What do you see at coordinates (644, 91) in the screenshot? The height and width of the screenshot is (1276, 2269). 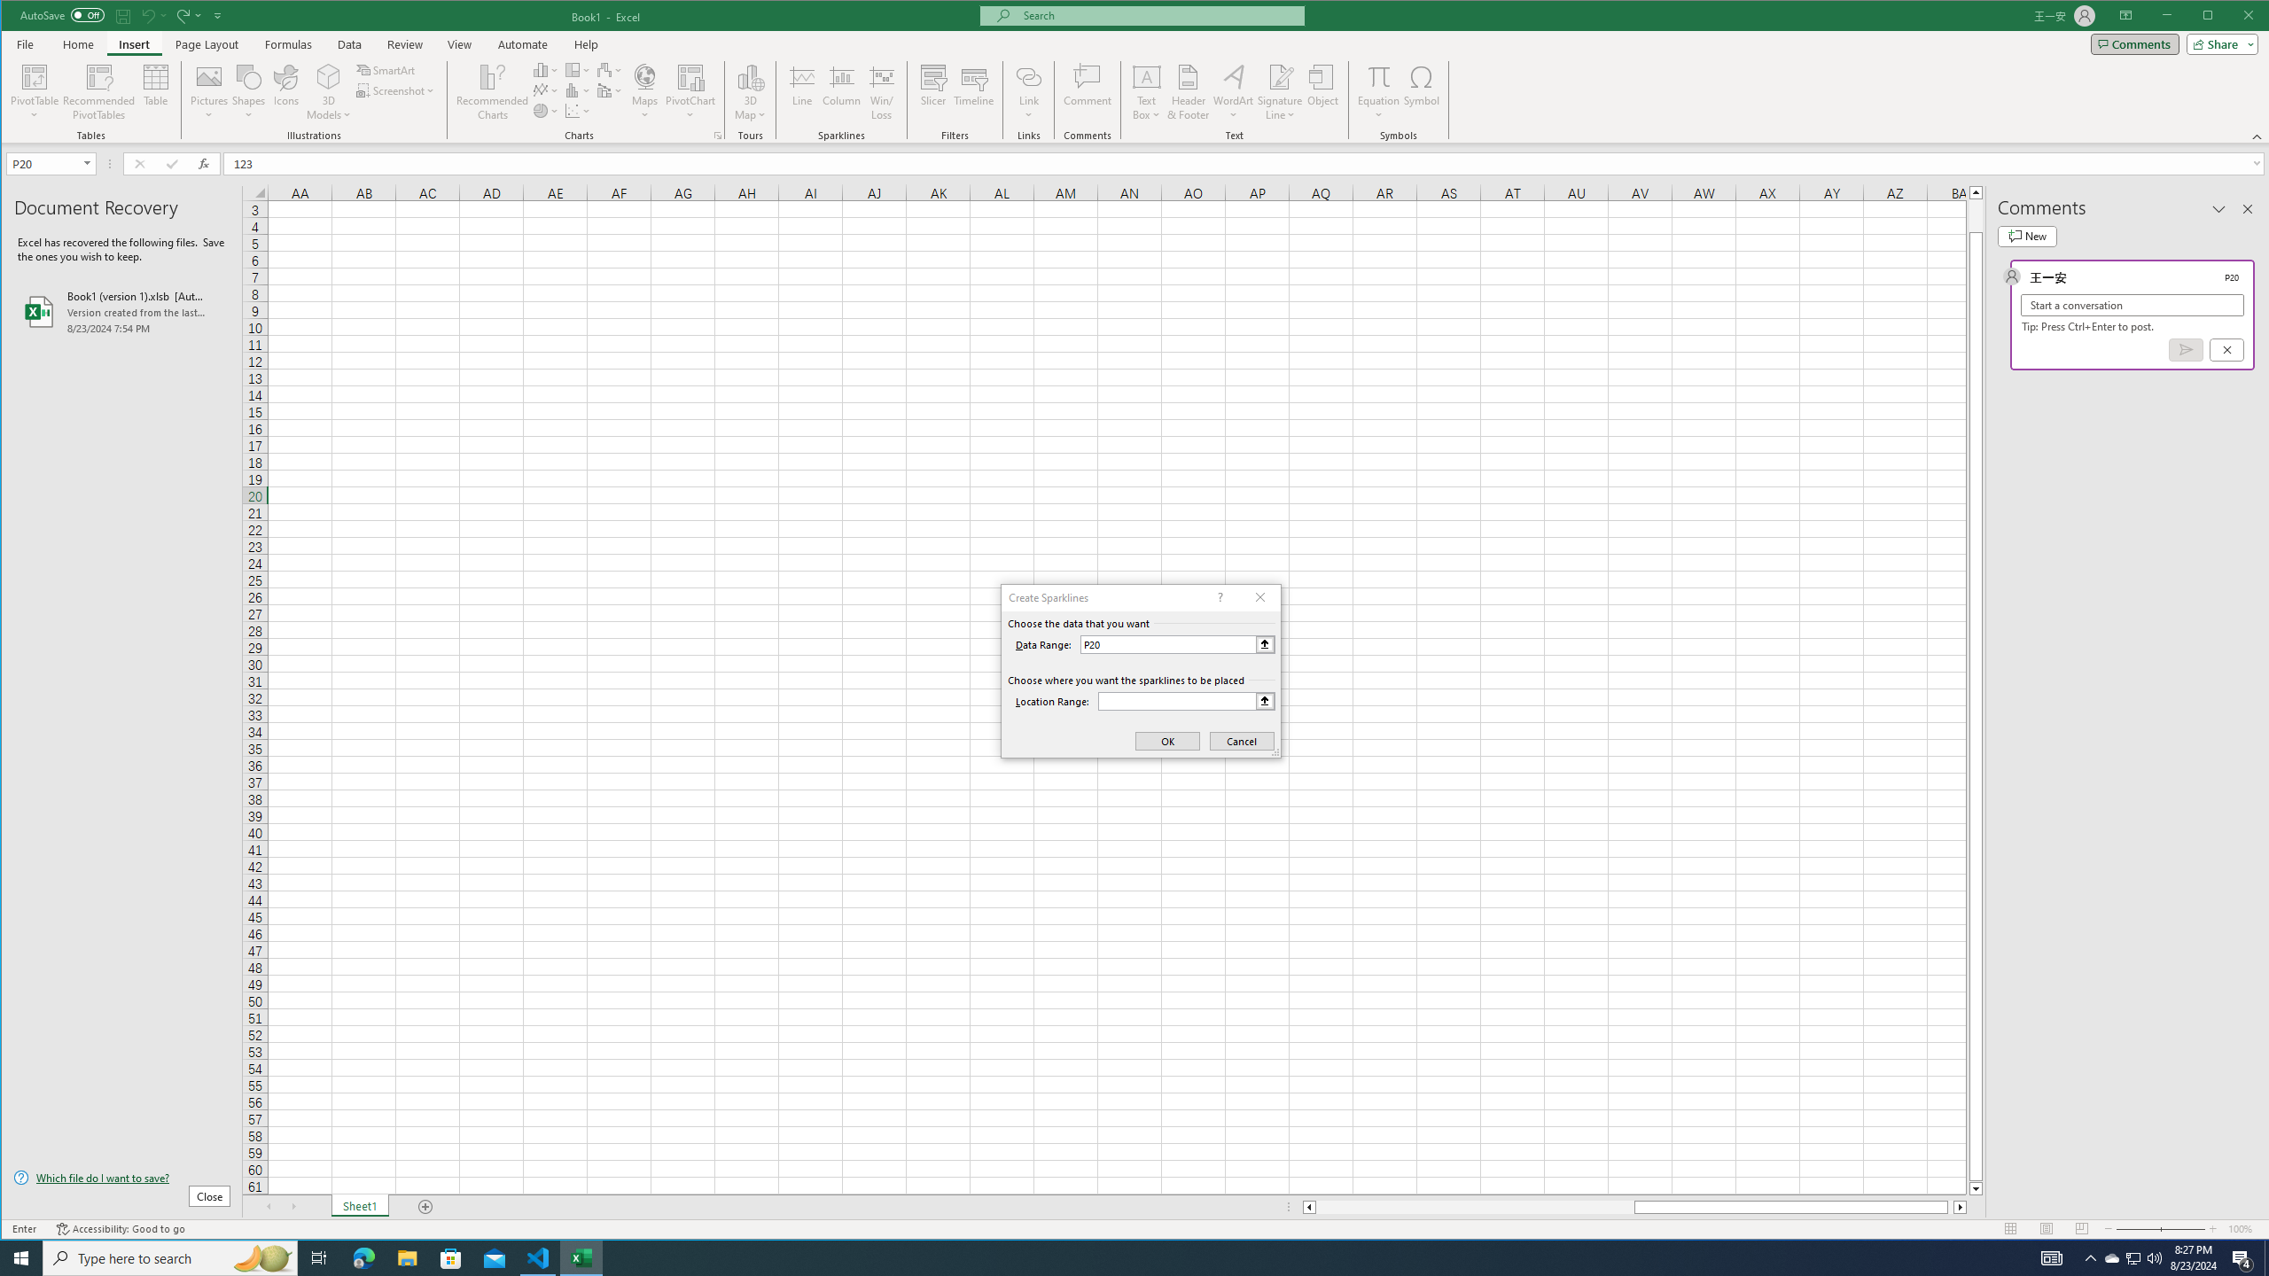 I see `'Maps'` at bounding box center [644, 91].